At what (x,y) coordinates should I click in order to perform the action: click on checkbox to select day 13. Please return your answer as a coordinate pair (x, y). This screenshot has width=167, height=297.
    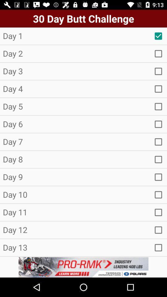
    Looking at the image, I should click on (158, 247).